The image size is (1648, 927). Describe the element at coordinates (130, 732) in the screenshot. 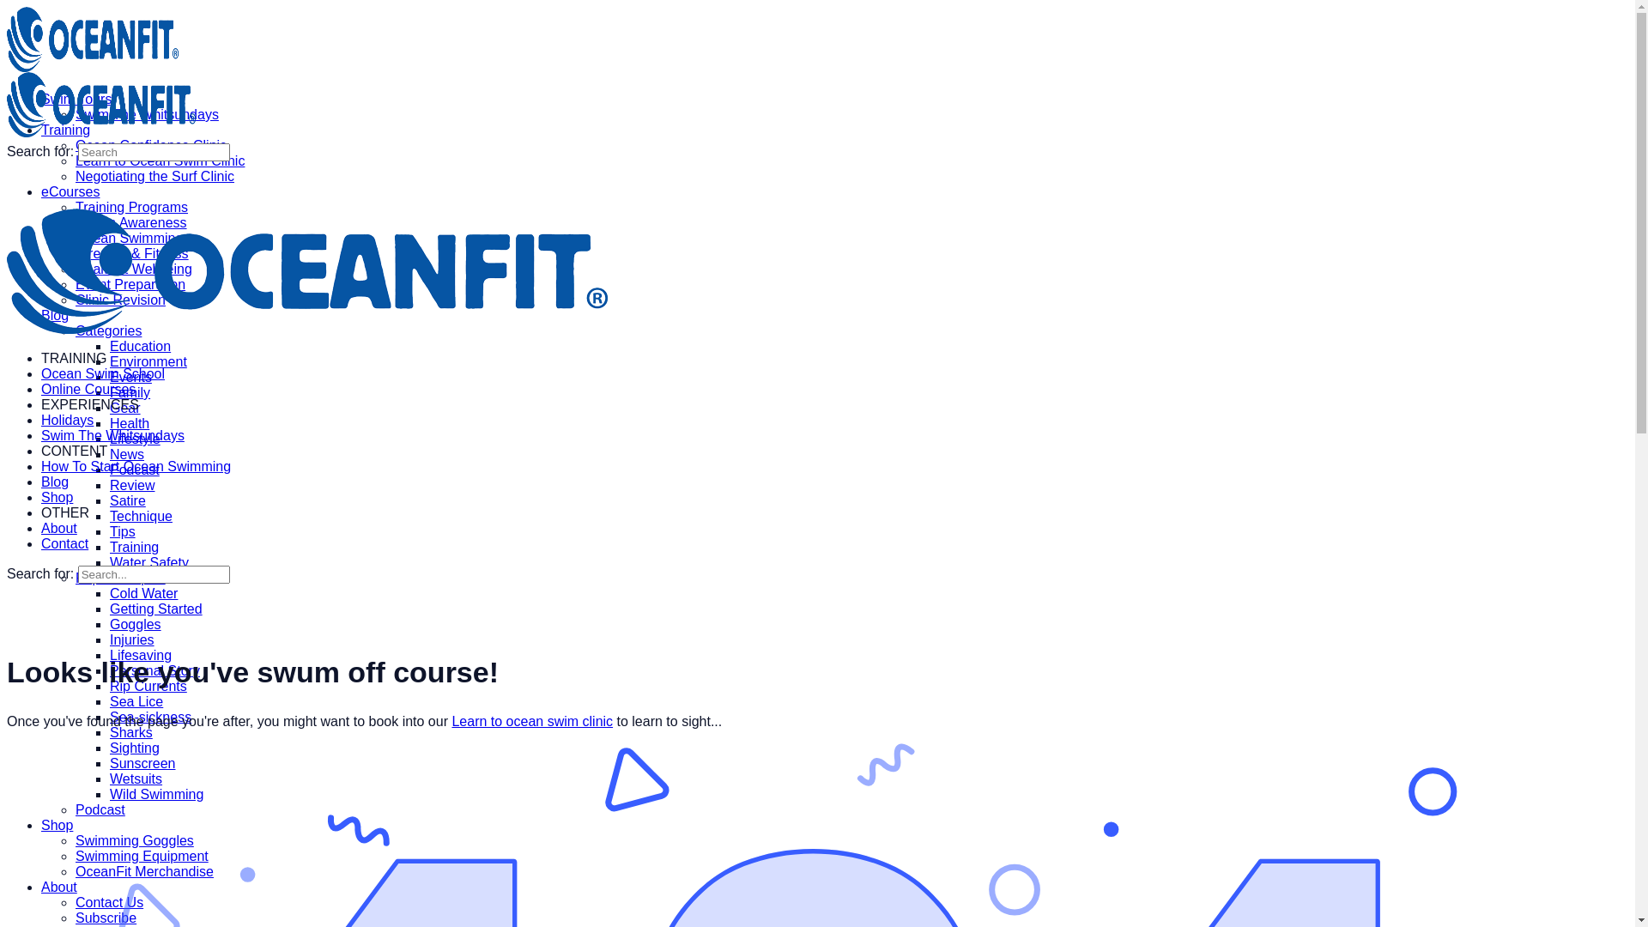

I see `'Sharks'` at that location.